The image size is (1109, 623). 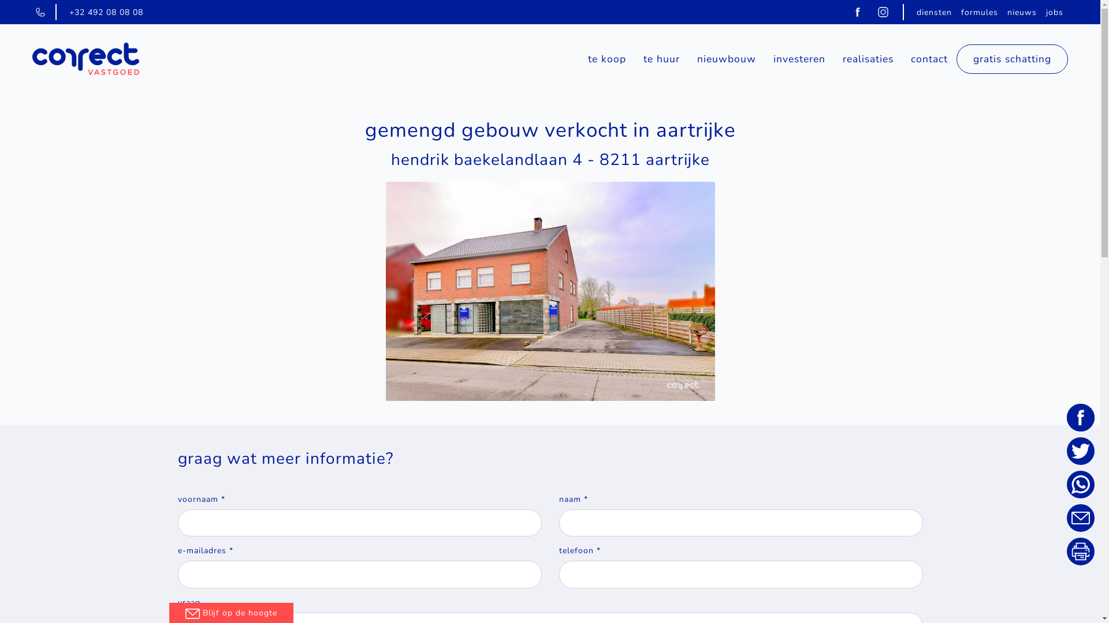 What do you see at coordinates (868, 58) in the screenshot?
I see `'realisaties'` at bounding box center [868, 58].